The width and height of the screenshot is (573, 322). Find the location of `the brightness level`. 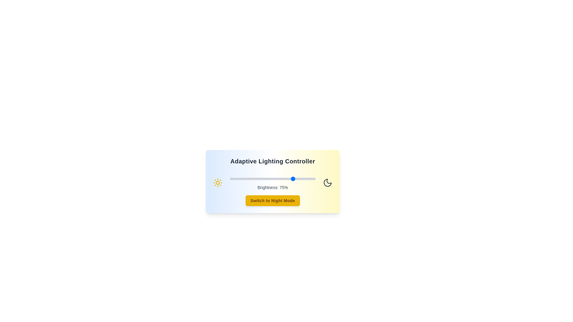

the brightness level is located at coordinates (277, 179).